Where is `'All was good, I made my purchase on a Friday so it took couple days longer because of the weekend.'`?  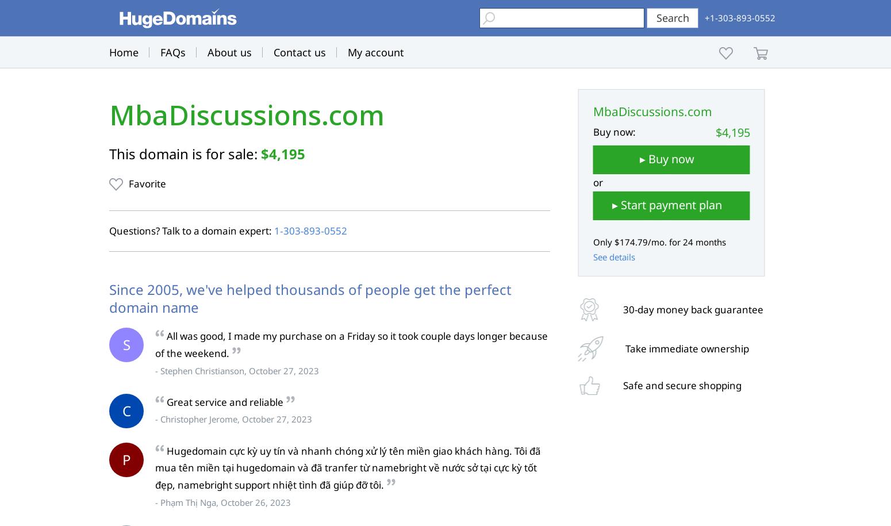
'All was good, I made my purchase on a Friday so it took couple days longer because of the weekend.' is located at coordinates (155, 344).